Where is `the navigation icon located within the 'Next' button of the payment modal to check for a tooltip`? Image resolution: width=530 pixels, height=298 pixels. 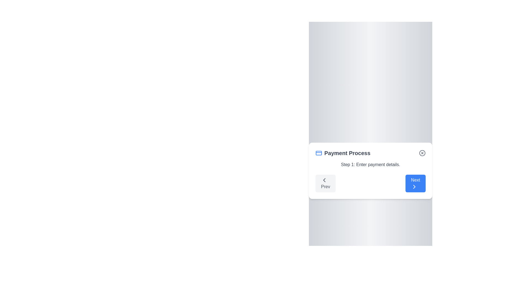
the navigation icon located within the 'Next' button of the payment modal to check for a tooltip is located at coordinates (414, 187).